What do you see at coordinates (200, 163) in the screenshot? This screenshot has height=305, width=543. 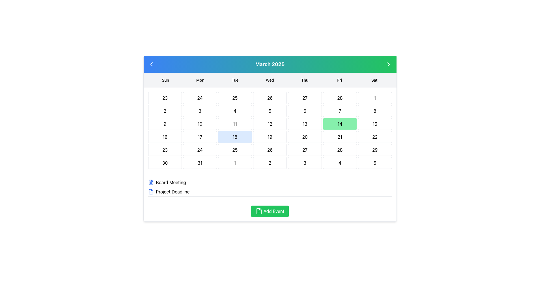 I see `the rectangular button labeled '31' located in the sixth row and second column of the calendar grid under 'Mon'` at bounding box center [200, 163].